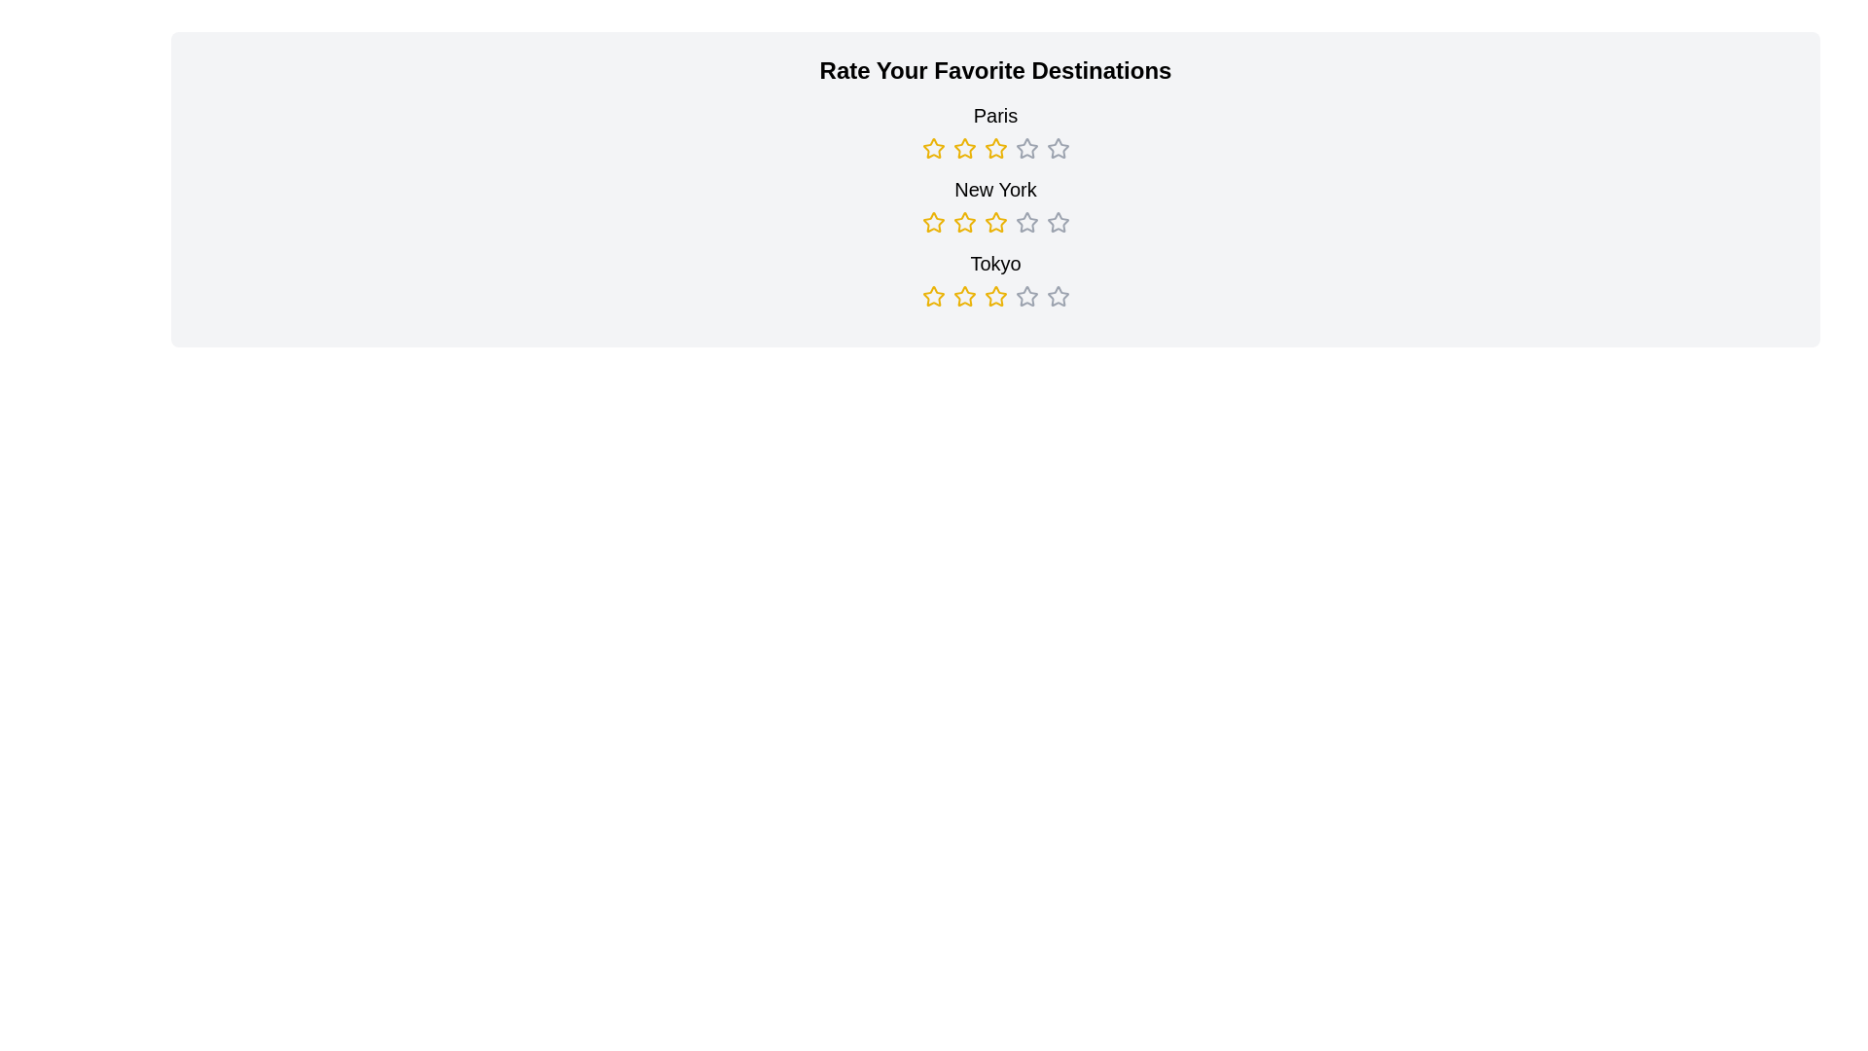 The width and height of the screenshot is (1868, 1051). What do you see at coordinates (964, 221) in the screenshot?
I see `the active yellow star icon for rating in the 'Rate Your Favorite Destinations' section under the 'New York' label` at bounding box center [964, 221].